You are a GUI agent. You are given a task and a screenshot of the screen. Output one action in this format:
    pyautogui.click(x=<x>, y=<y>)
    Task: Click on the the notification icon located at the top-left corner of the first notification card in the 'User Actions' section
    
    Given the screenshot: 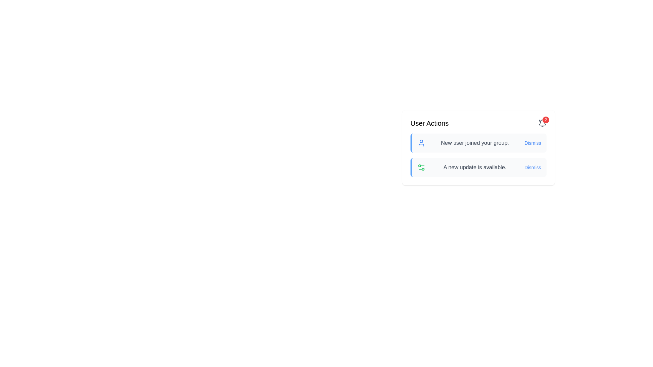 What is the action you would take?
    pyautogui.click(x=421, y=142)
    